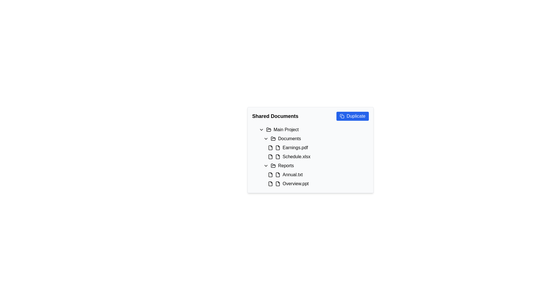 Image resolution: width=541 pixels, height=304 pixels. I want to click on the file icon for 'Overview.ppt', which is the last item in the 'Reports' section, positioned immediately left of the text label, so click(278, 184).